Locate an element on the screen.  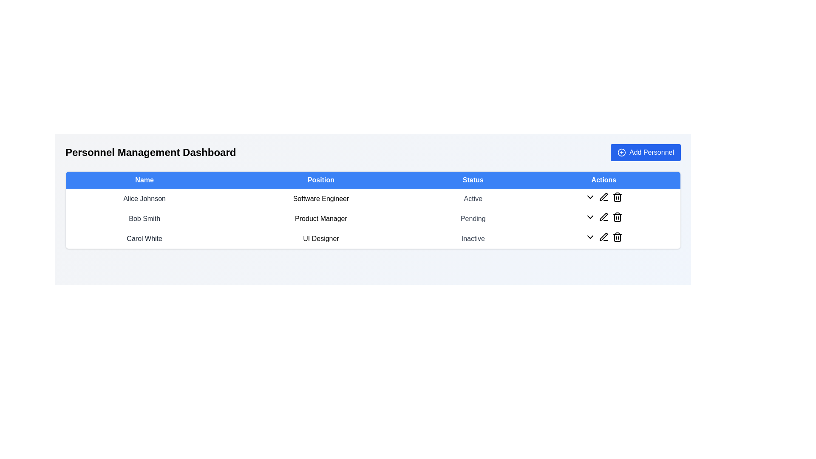
the static text displaying the name 'Bob Smith', which is styled with a medium font weight and gray color, located in the personnel management table under the 'Name' column as the second entry is located at coordinates (144, 218).